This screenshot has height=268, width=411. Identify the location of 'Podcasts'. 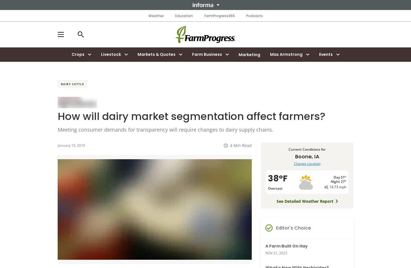
(254, 15).